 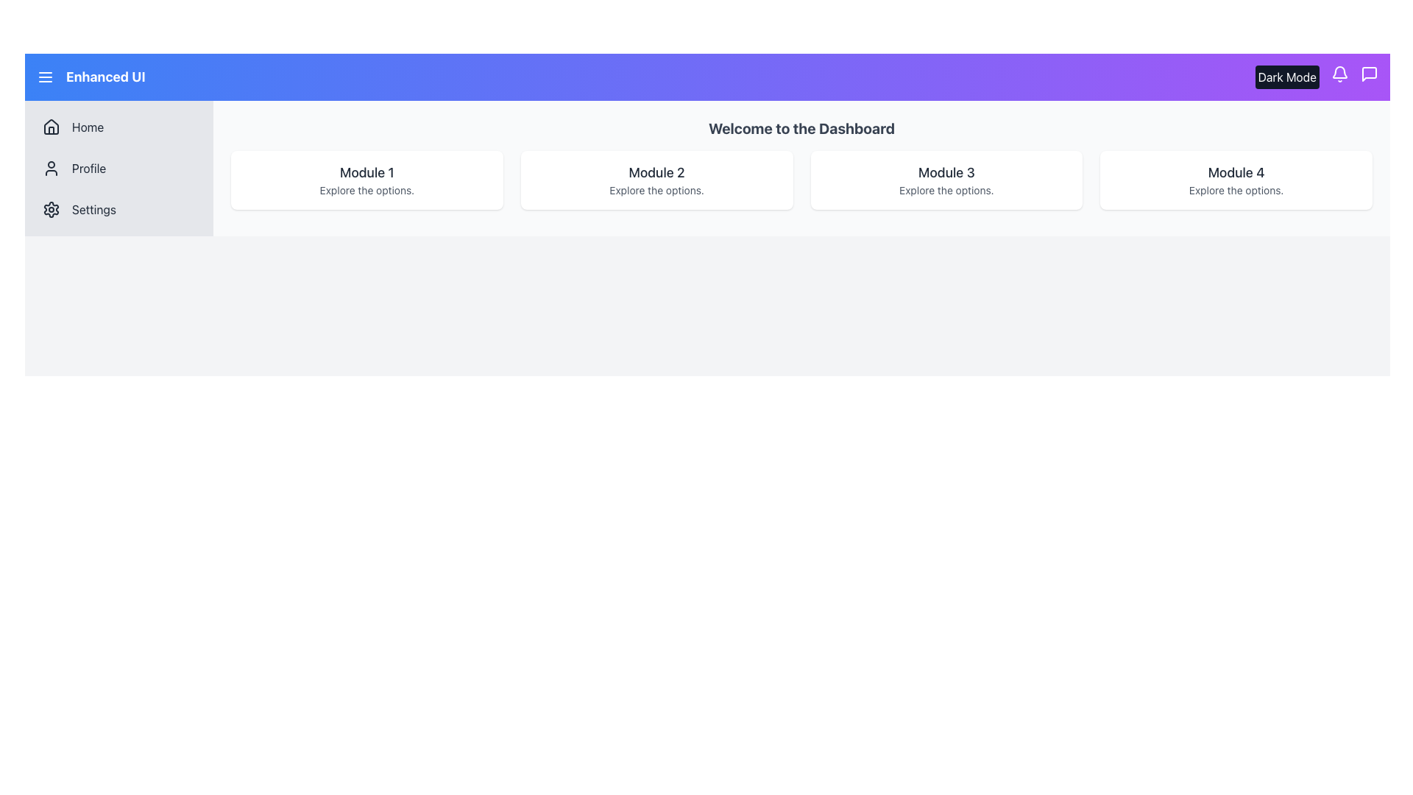 What do you see at coordinates (946, 189) in the screenshot?
I see `the text element containing 'Explore the options.' which is positioned below 'Module 3' in the third card of a horizontal row` at bounding box center [946, 189].